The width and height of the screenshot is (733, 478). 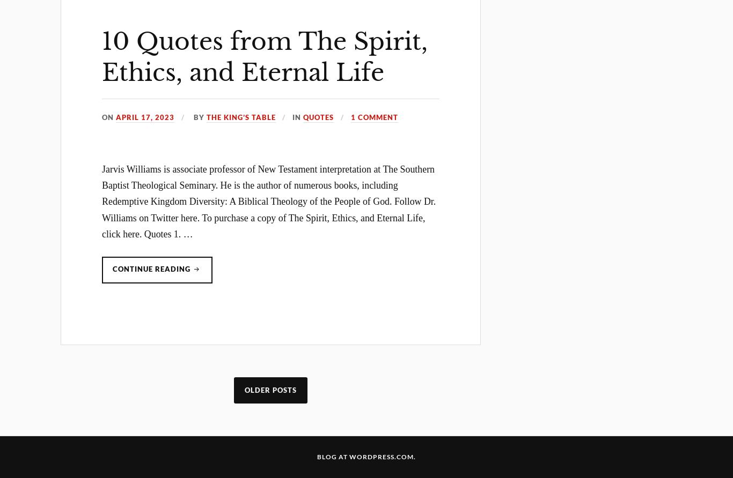 What do you see at coordinates (265, 56) in the screenshot?
I see `'10 Quotes from The Spirit, Ethics, and Eternal Life'` at bounding box center [265, 56].